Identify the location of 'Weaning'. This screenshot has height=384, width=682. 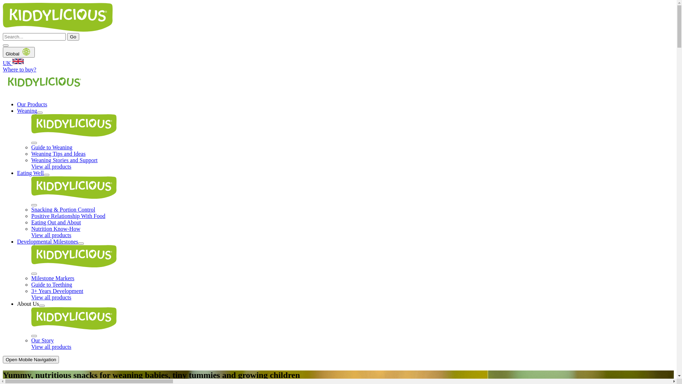
(27, 111).